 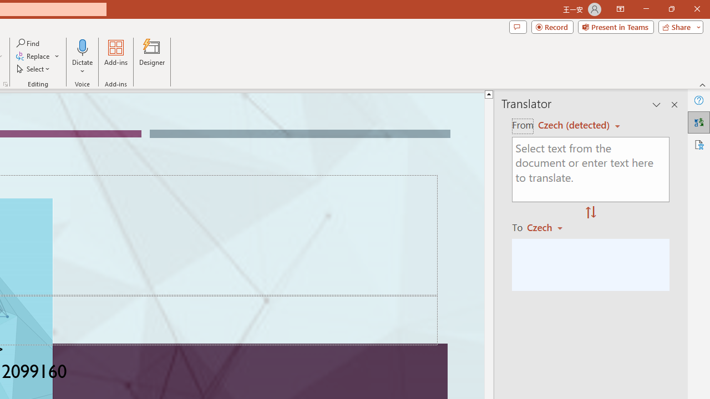 What do you see at coordinates (550, 227) in the screenshot?
I see `'Czech'` at bounding box center [550, 227].